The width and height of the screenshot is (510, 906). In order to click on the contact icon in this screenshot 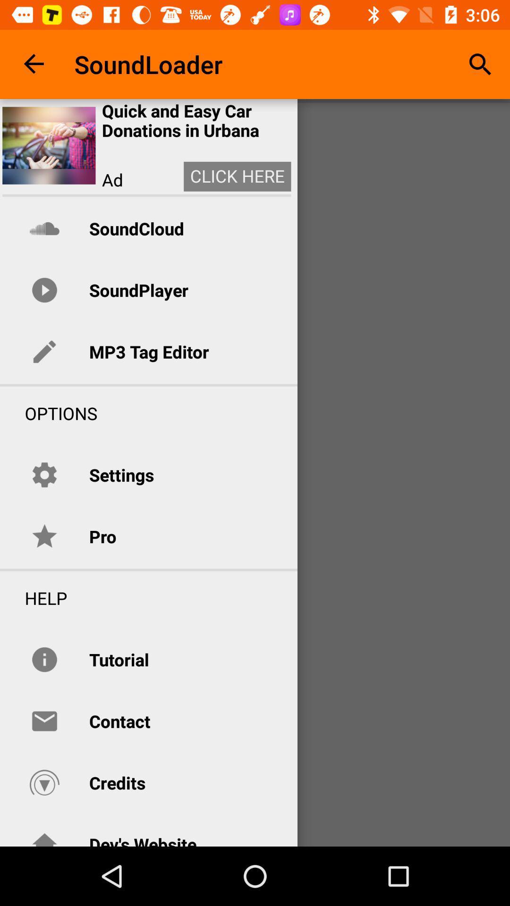, I will do `click(119, 721)`.